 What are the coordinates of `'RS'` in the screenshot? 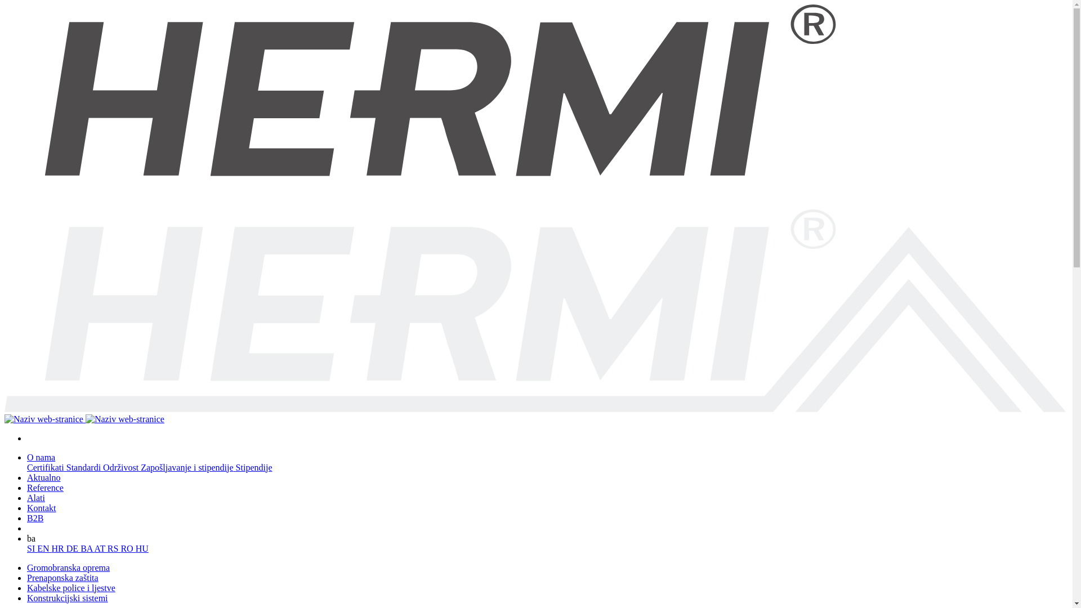 It's located at (114, 548).